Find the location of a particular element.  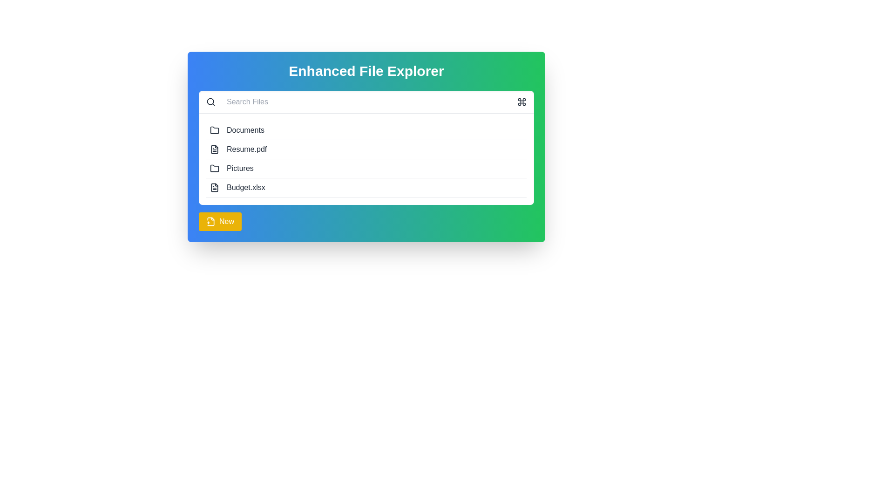

the button containing the text label 'New' is located at coordinates (227, 221).